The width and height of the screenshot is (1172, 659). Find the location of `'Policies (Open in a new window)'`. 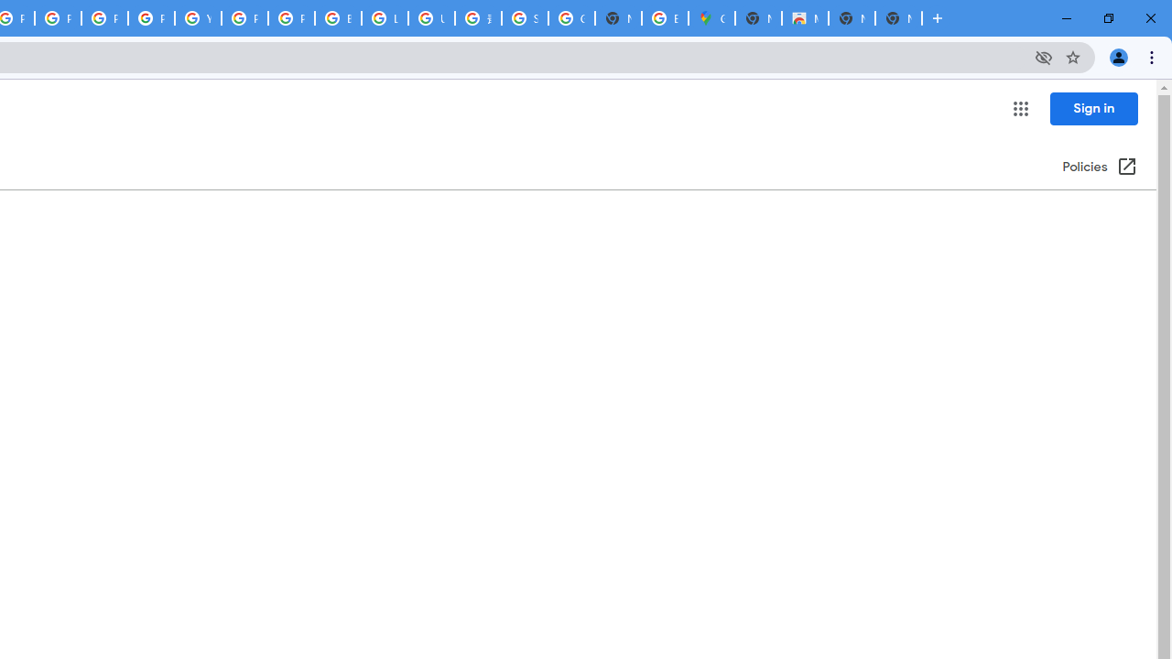

'Policies (Open in a new window)' is located at coordinates (1099, 167).